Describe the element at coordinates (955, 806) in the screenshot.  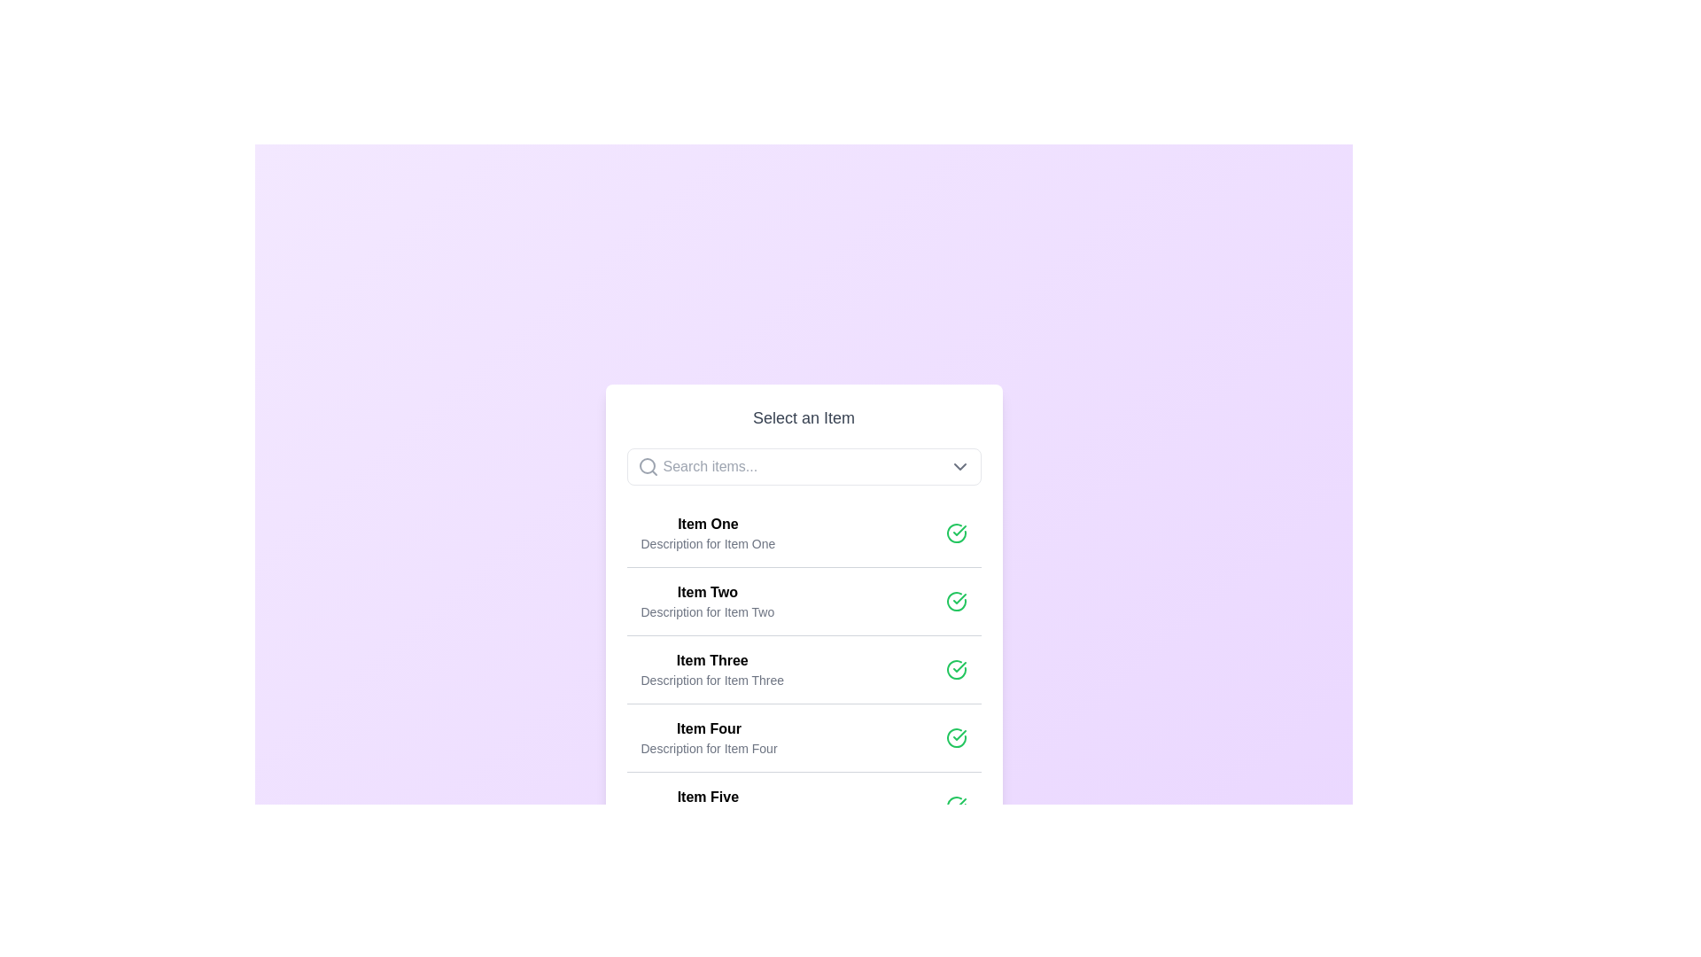
I see `the status indicator icon located to the extreme right of the row labeled 'Item Five', near the center-right edge adjacent to the item's description` at that location.